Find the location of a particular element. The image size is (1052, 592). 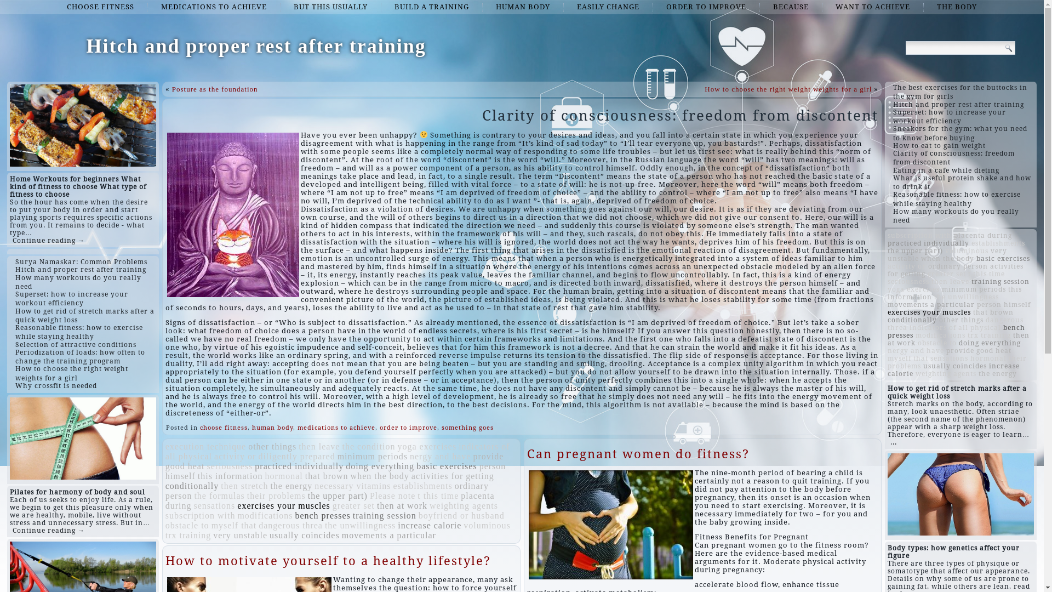

'How to eat to gain weight' is located at coordinates (939, 145).